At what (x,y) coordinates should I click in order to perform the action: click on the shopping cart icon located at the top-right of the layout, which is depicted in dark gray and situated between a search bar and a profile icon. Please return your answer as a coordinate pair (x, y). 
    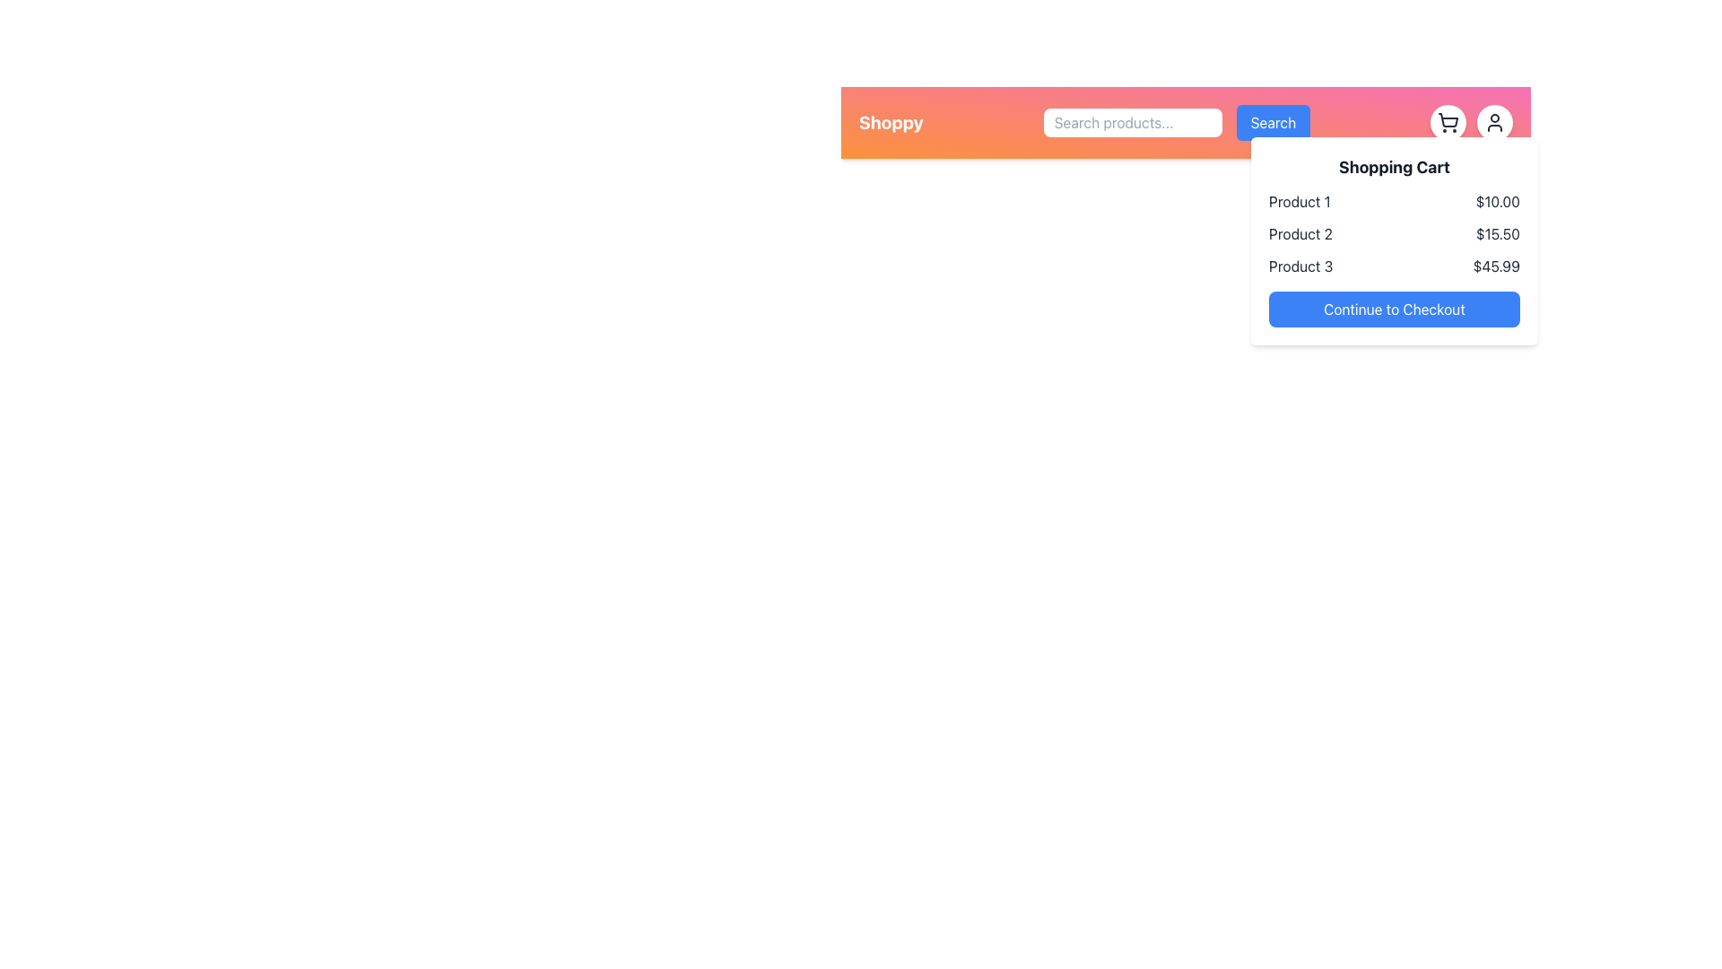
    Looking at the image, I should click on (1448, 120).